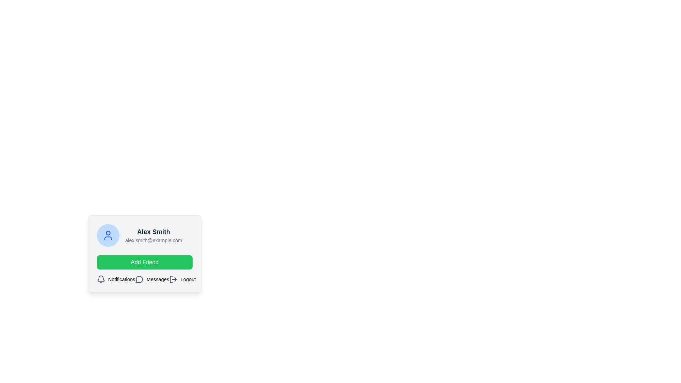  Describe the element at coordinates (139, 279) in the screenshot. I see `the 'Messages' icon located at the bottom-right part of the user profile card` at that location.